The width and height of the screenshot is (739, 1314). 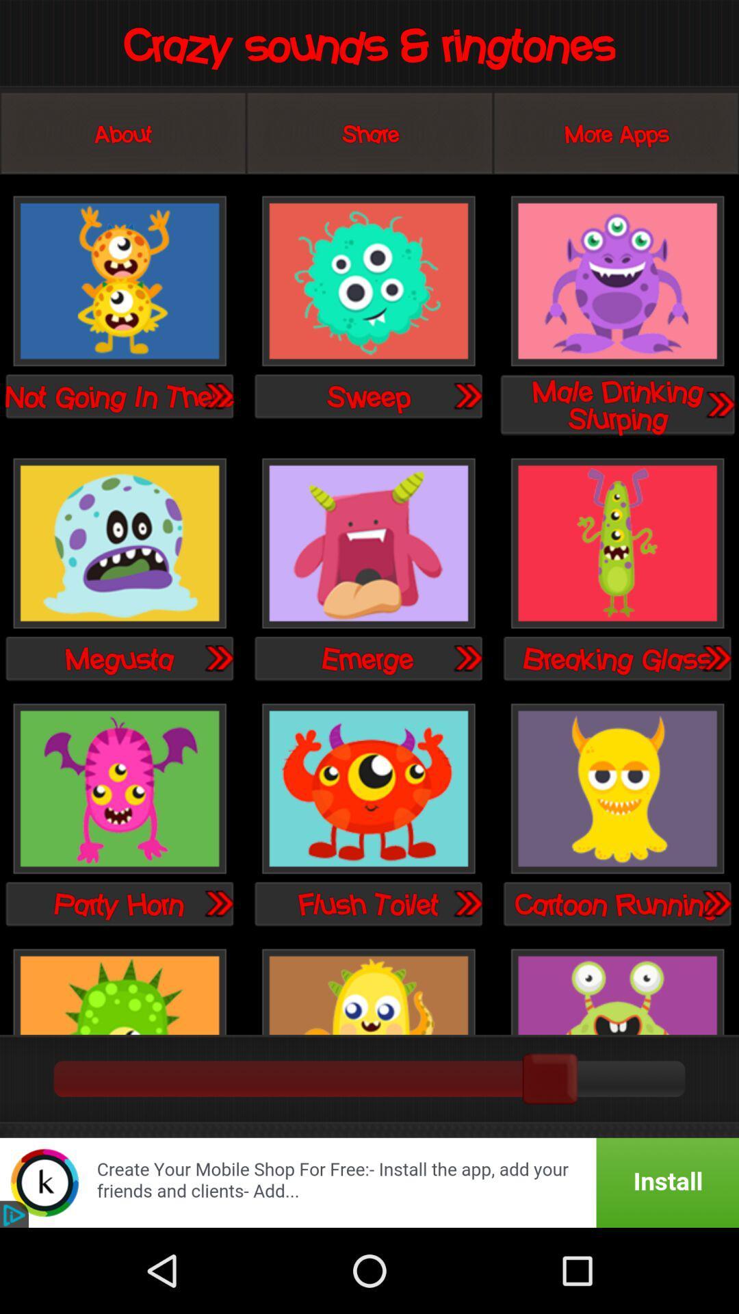 What do you see at coordinates (715, 658) in the screenshot?
I see `preview the sound` at bounding box center [715, 658].